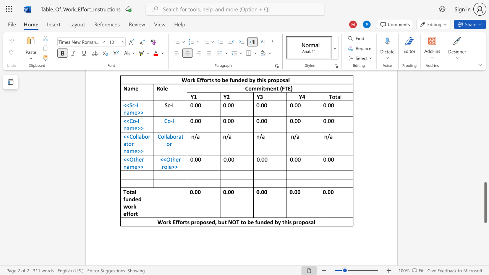  What do you see at coordinates (485, 91) in the screenshot?
I see `the scrollbar to slide the page up` at bounding box center [485, 91].